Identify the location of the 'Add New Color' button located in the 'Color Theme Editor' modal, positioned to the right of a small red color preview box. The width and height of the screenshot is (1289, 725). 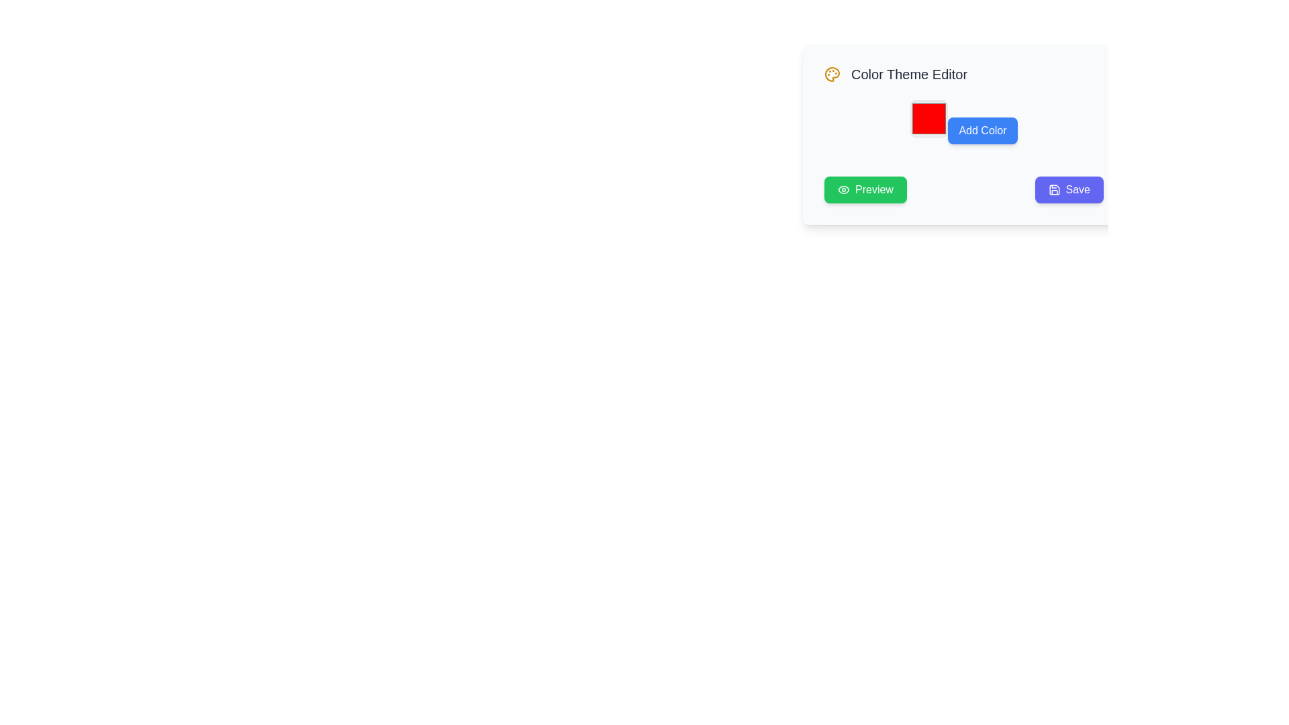
(963, 134).